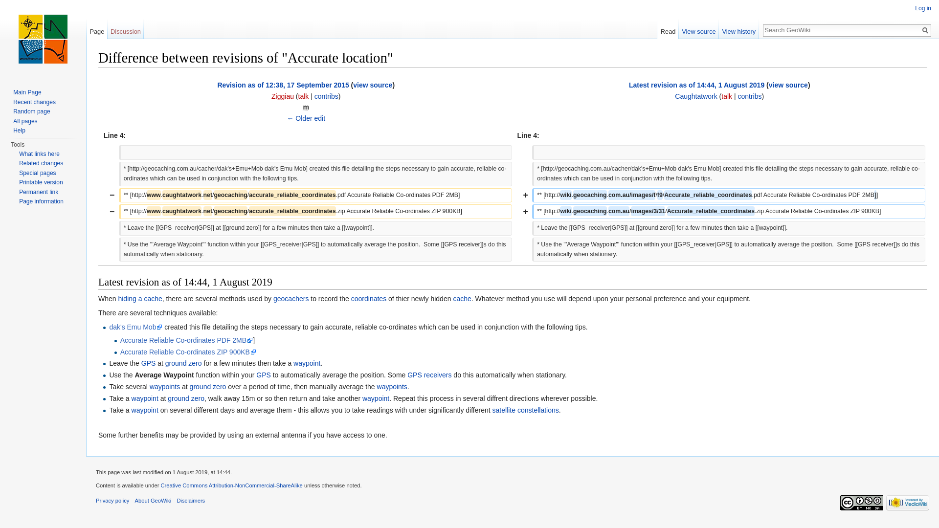 The image size is (939, 528). I want to click on 'Random page', so click(31, 110).